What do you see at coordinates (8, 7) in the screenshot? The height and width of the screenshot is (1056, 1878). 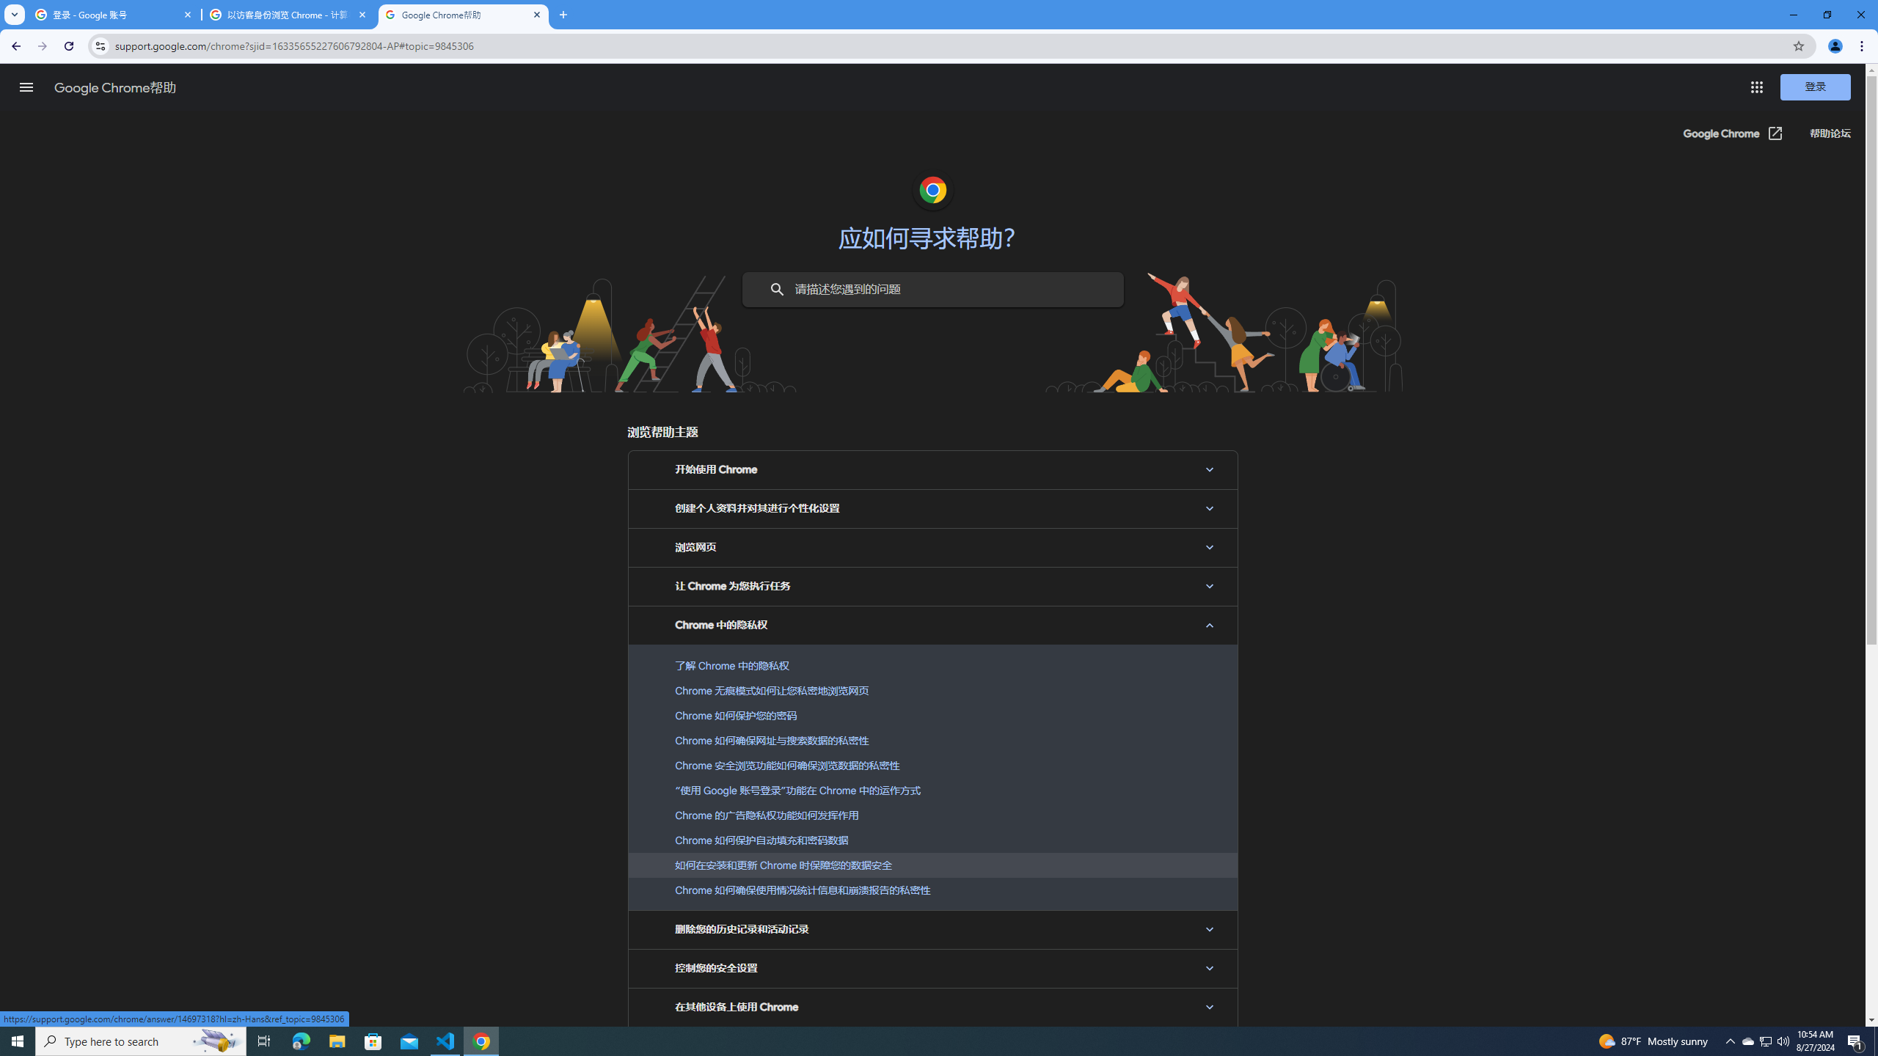 I see `'System'` at bounding box center [8, 7].